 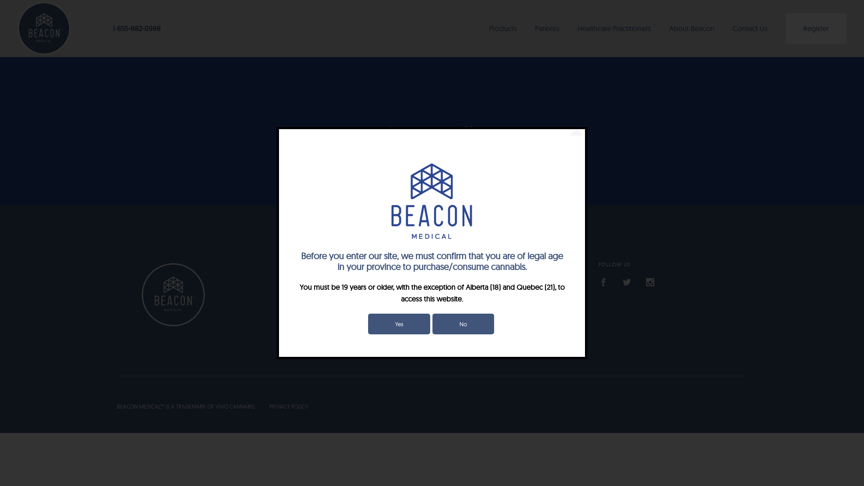 I want to click on 'Patients', so click(x=546, y=28).